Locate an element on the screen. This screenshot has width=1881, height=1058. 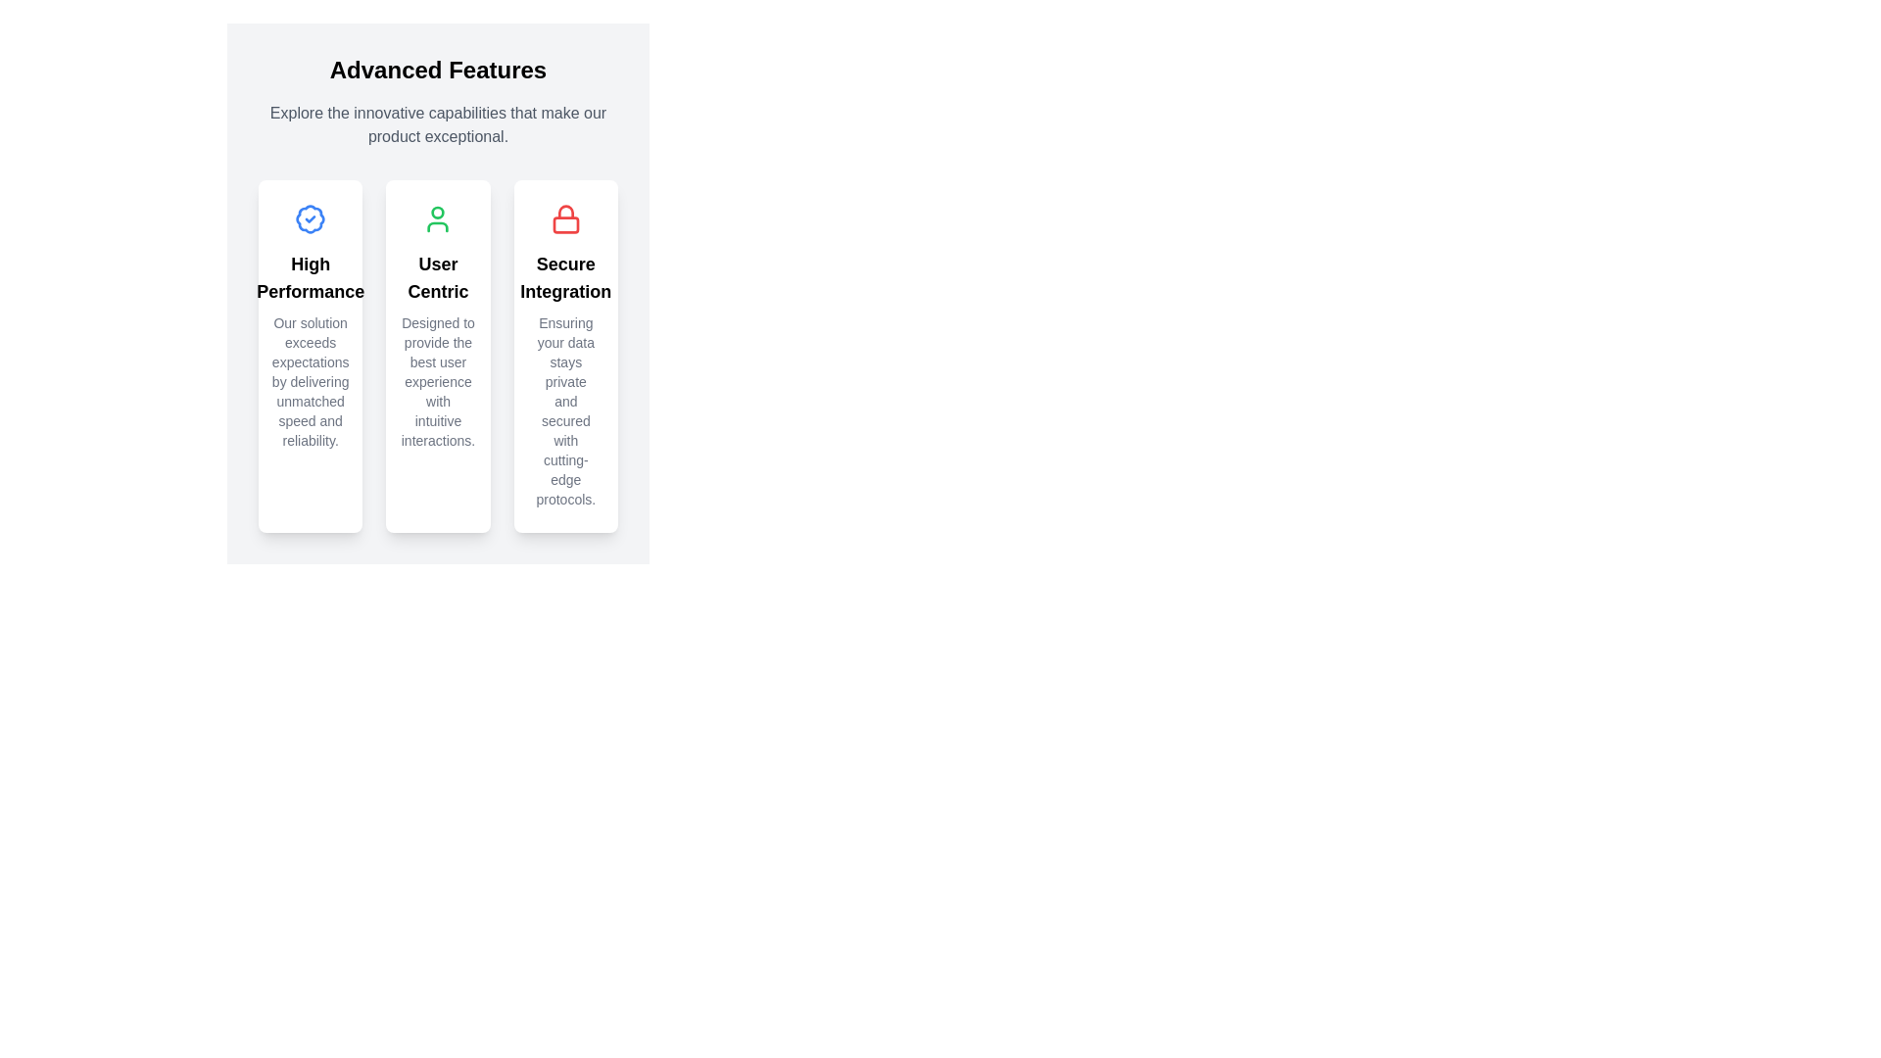
the blue checkmark icon located at the top center of the leftmost card labeled 'High Performance' for details is located at coordinates (310, 218).